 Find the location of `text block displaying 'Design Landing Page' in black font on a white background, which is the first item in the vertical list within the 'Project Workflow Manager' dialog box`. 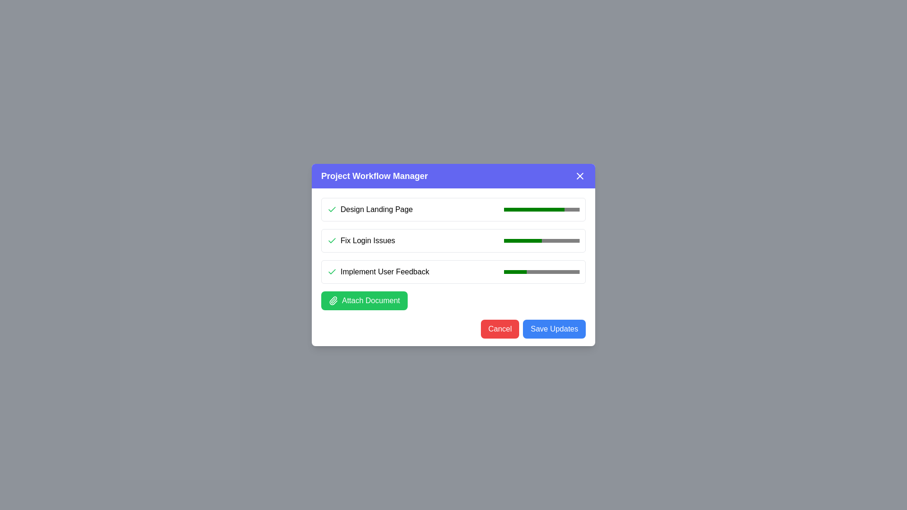

text block displaying 'Design Landing Page' in black font on a white background, which is the first item in the vertical list within the 'Project Workflow Manager' dialog box is located at coordinates (376, 209).